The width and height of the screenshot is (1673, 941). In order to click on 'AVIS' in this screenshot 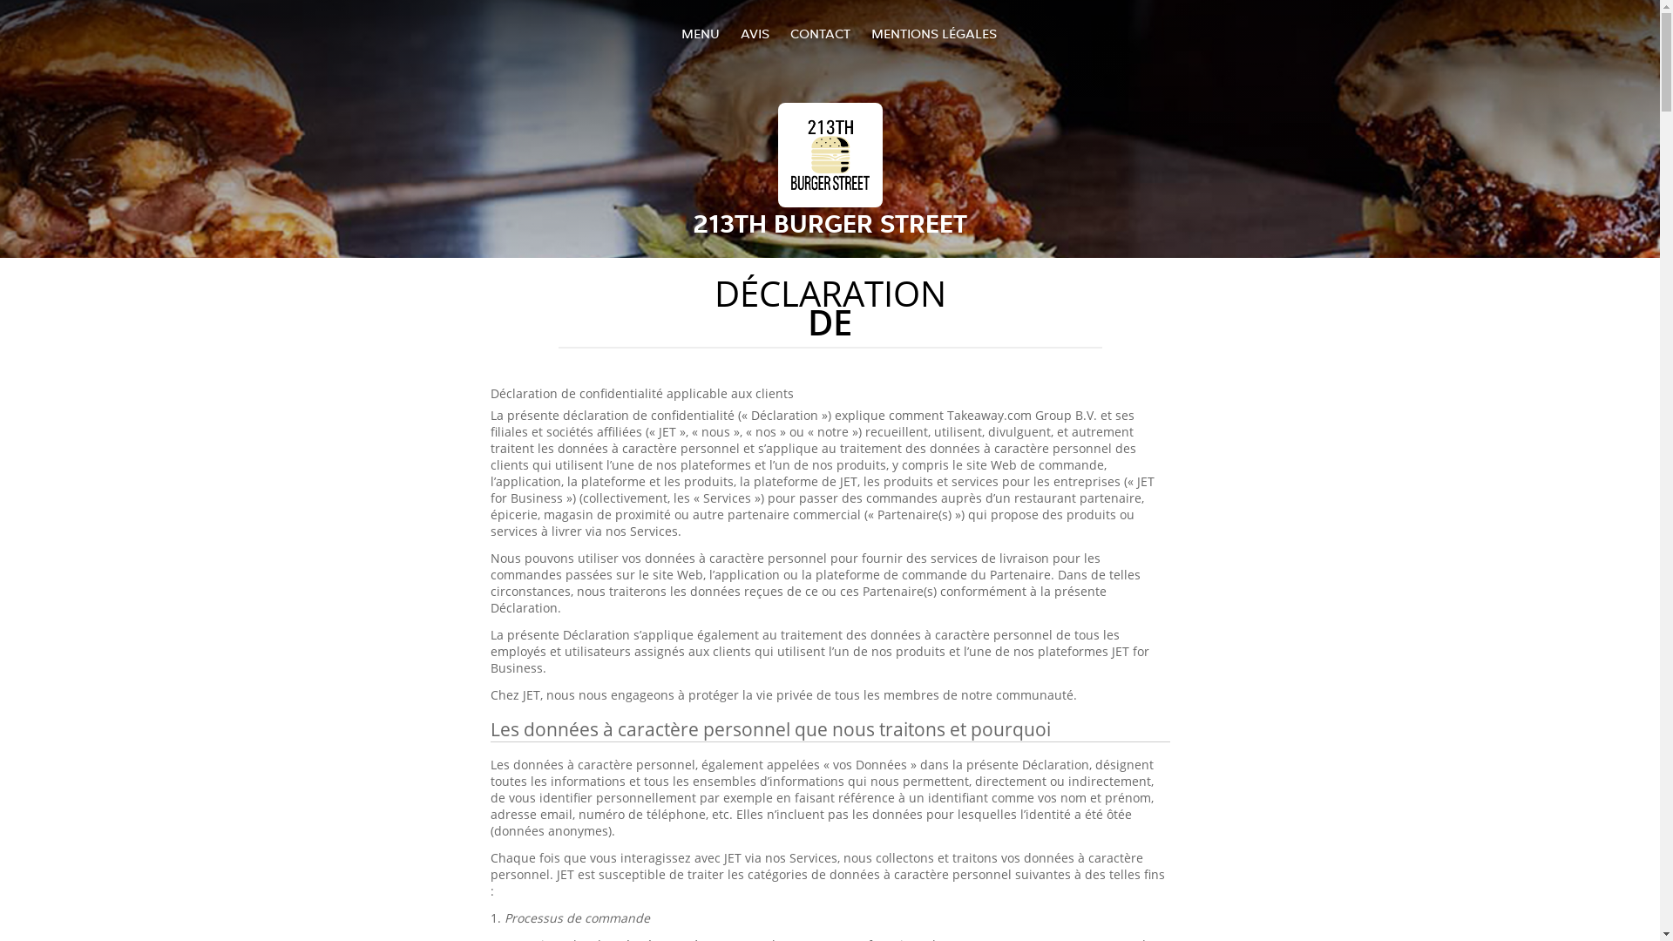, I will do `click(755, 33)`.